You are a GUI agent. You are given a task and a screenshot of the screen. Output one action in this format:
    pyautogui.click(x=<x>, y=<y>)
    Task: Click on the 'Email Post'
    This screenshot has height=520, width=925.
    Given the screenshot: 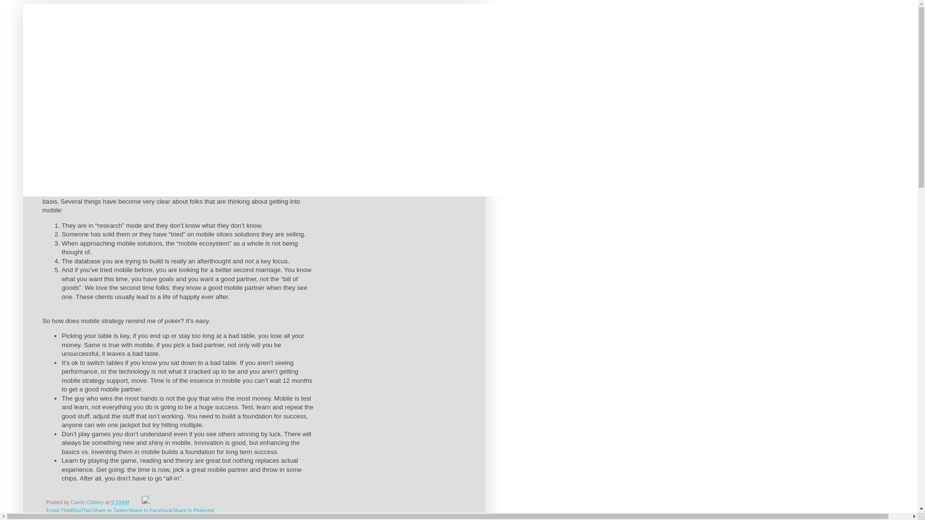 What is the action you would take?
    pyautogui.click(x=135, y=501)
    